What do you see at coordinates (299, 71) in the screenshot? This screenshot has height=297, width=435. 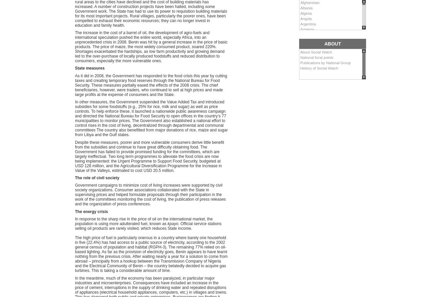 I see `'Bulgaria'` at bounding box center [299, 71].